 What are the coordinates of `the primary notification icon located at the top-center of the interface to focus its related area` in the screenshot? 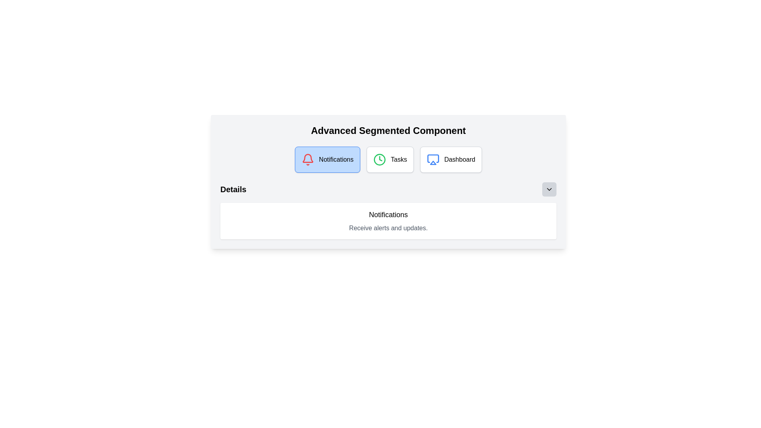 It's located at (307, 158).